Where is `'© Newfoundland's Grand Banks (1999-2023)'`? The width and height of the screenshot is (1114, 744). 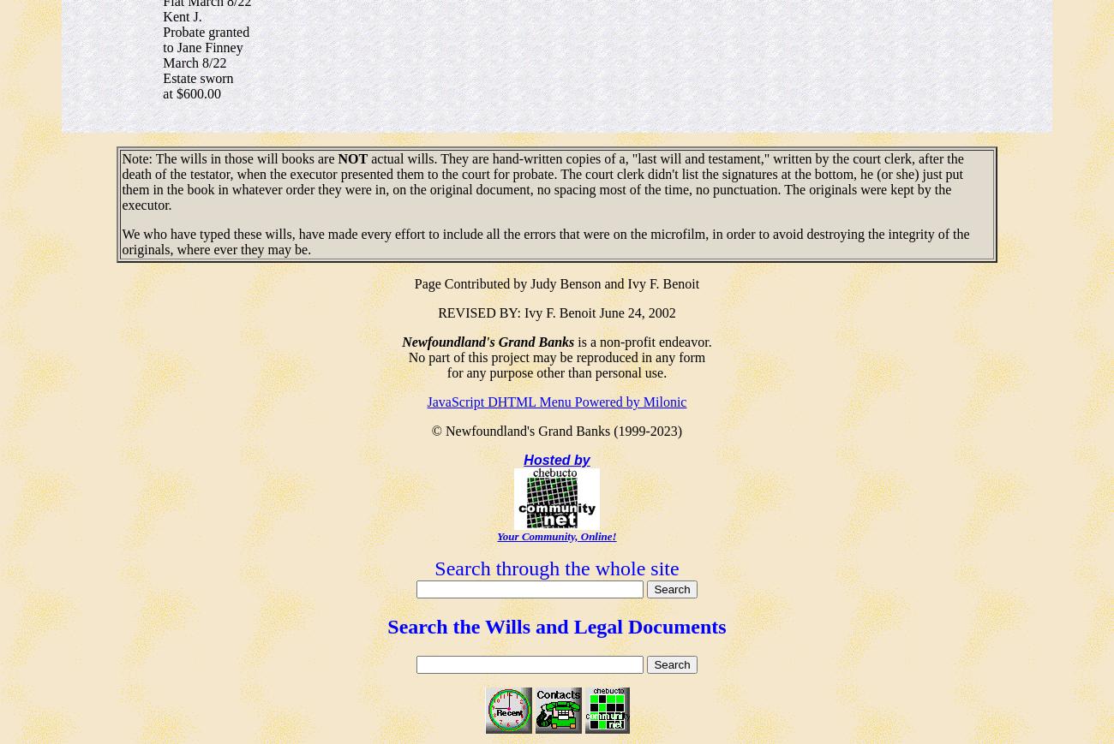 '© Newfoundland's Grand Banks (1999-2023)' is located at coordinates (556, 430).